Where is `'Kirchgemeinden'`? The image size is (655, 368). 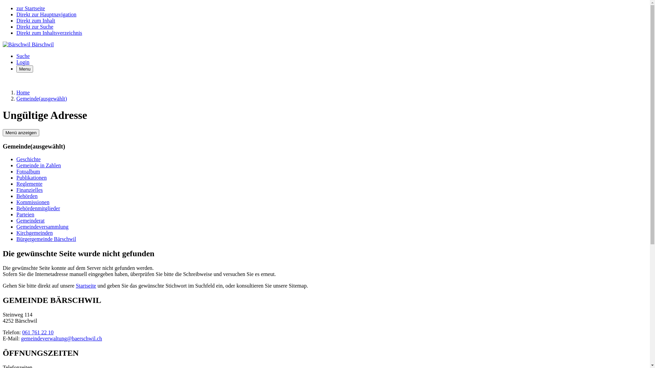 'Kirchgemeinden' is located at coordinates (34, 232).